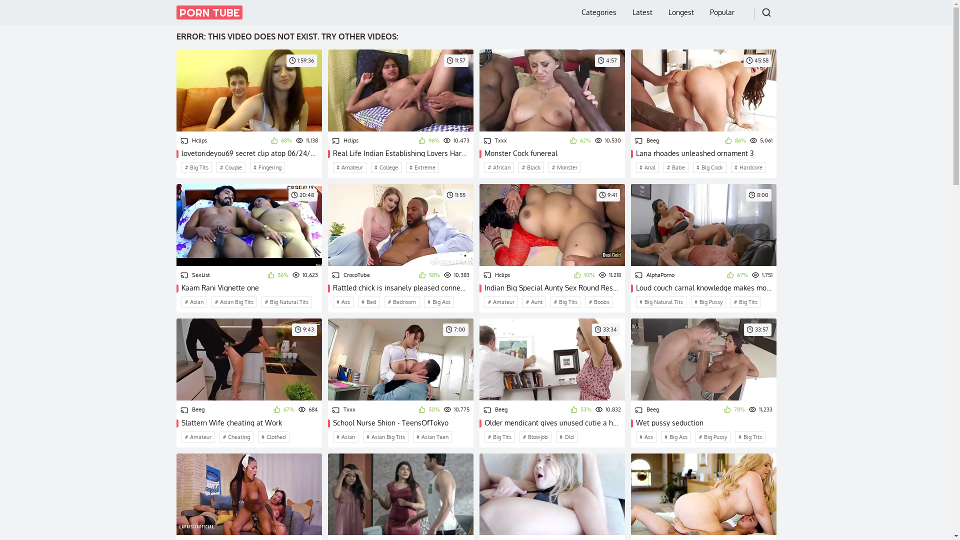  What do you see at coordinates (267, 167) in the screenshot?
I see `'Fingering'` at bounding box center [267, 167].